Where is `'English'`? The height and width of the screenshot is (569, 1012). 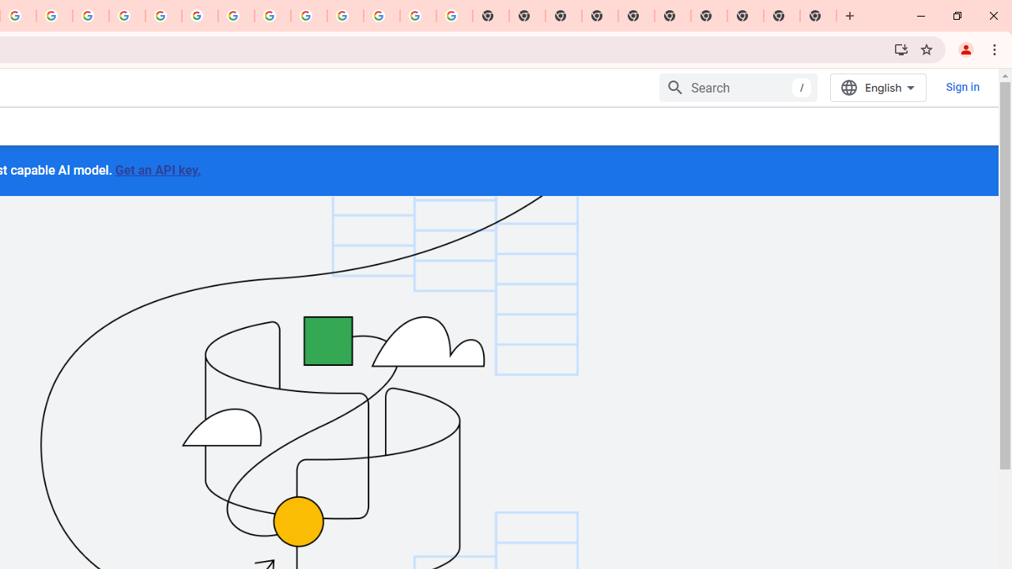
'English' is located at coordinates (878, 87).